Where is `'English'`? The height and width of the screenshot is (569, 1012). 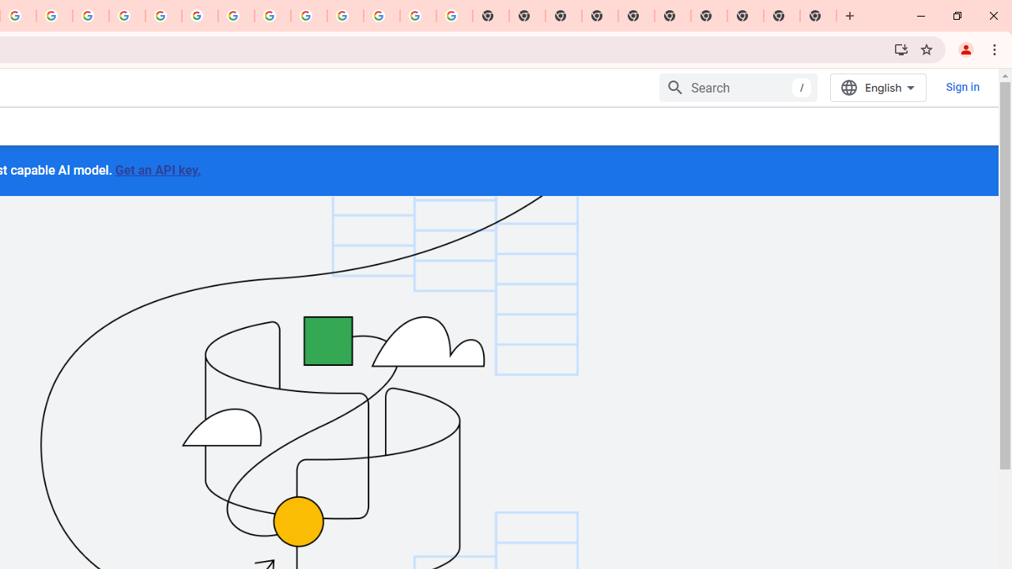
'English' is located at coordinates (878, 87).